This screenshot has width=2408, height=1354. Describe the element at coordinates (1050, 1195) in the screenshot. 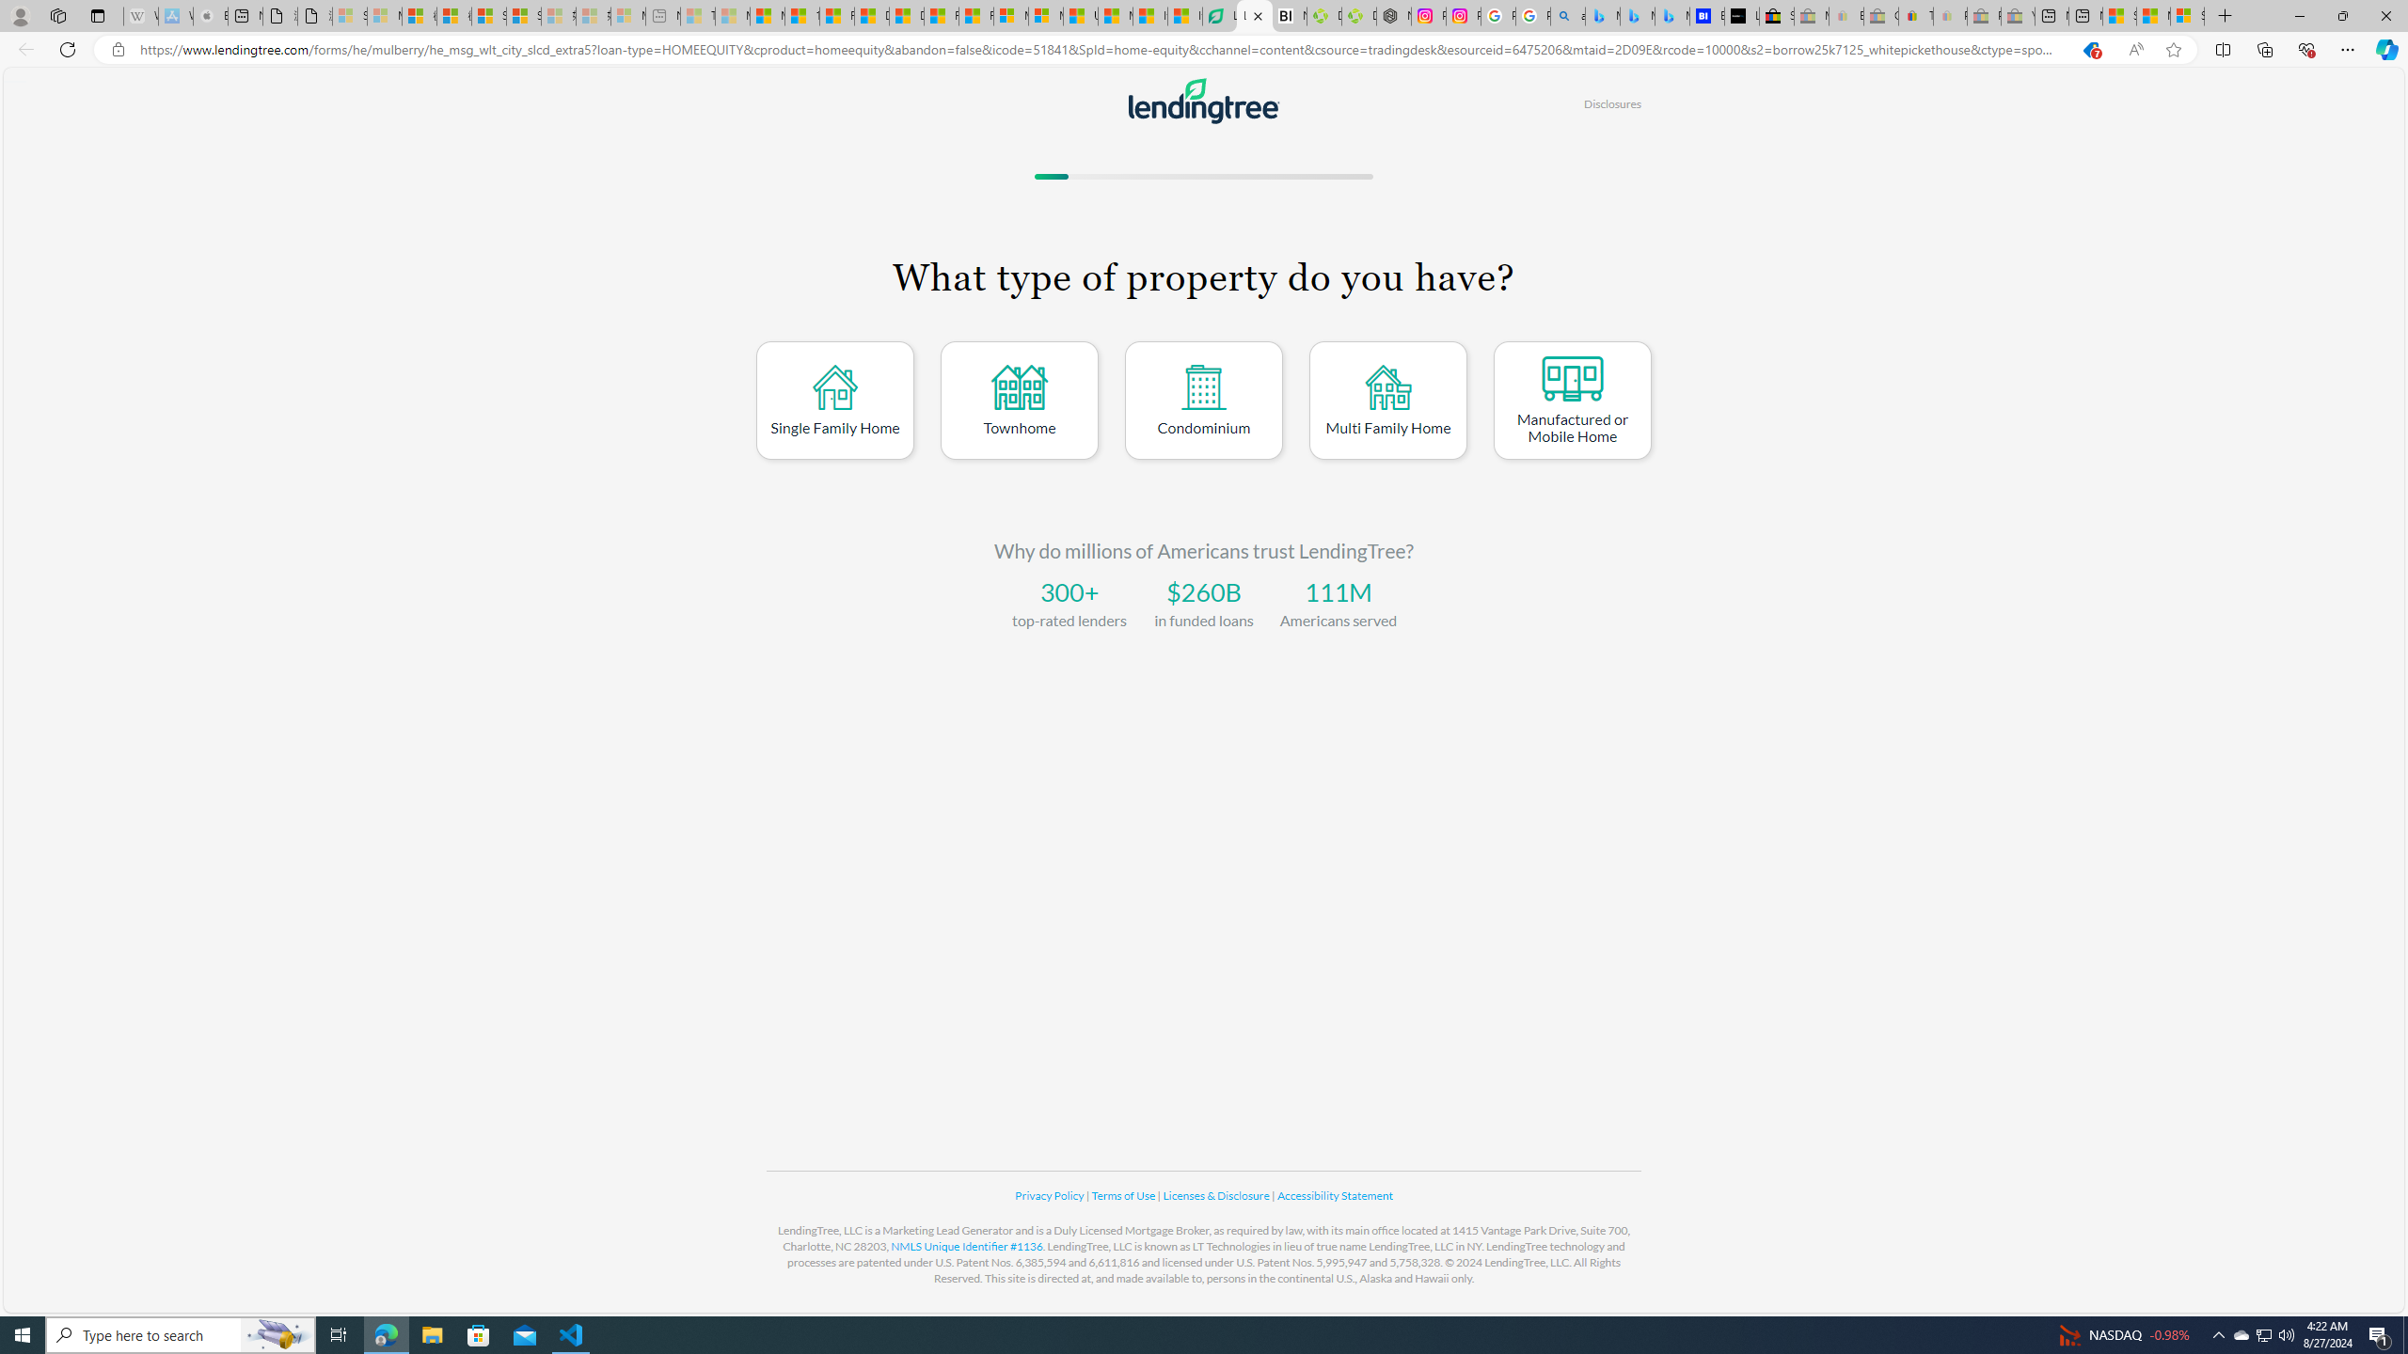

I see `'Privacy Policy '` at that location.